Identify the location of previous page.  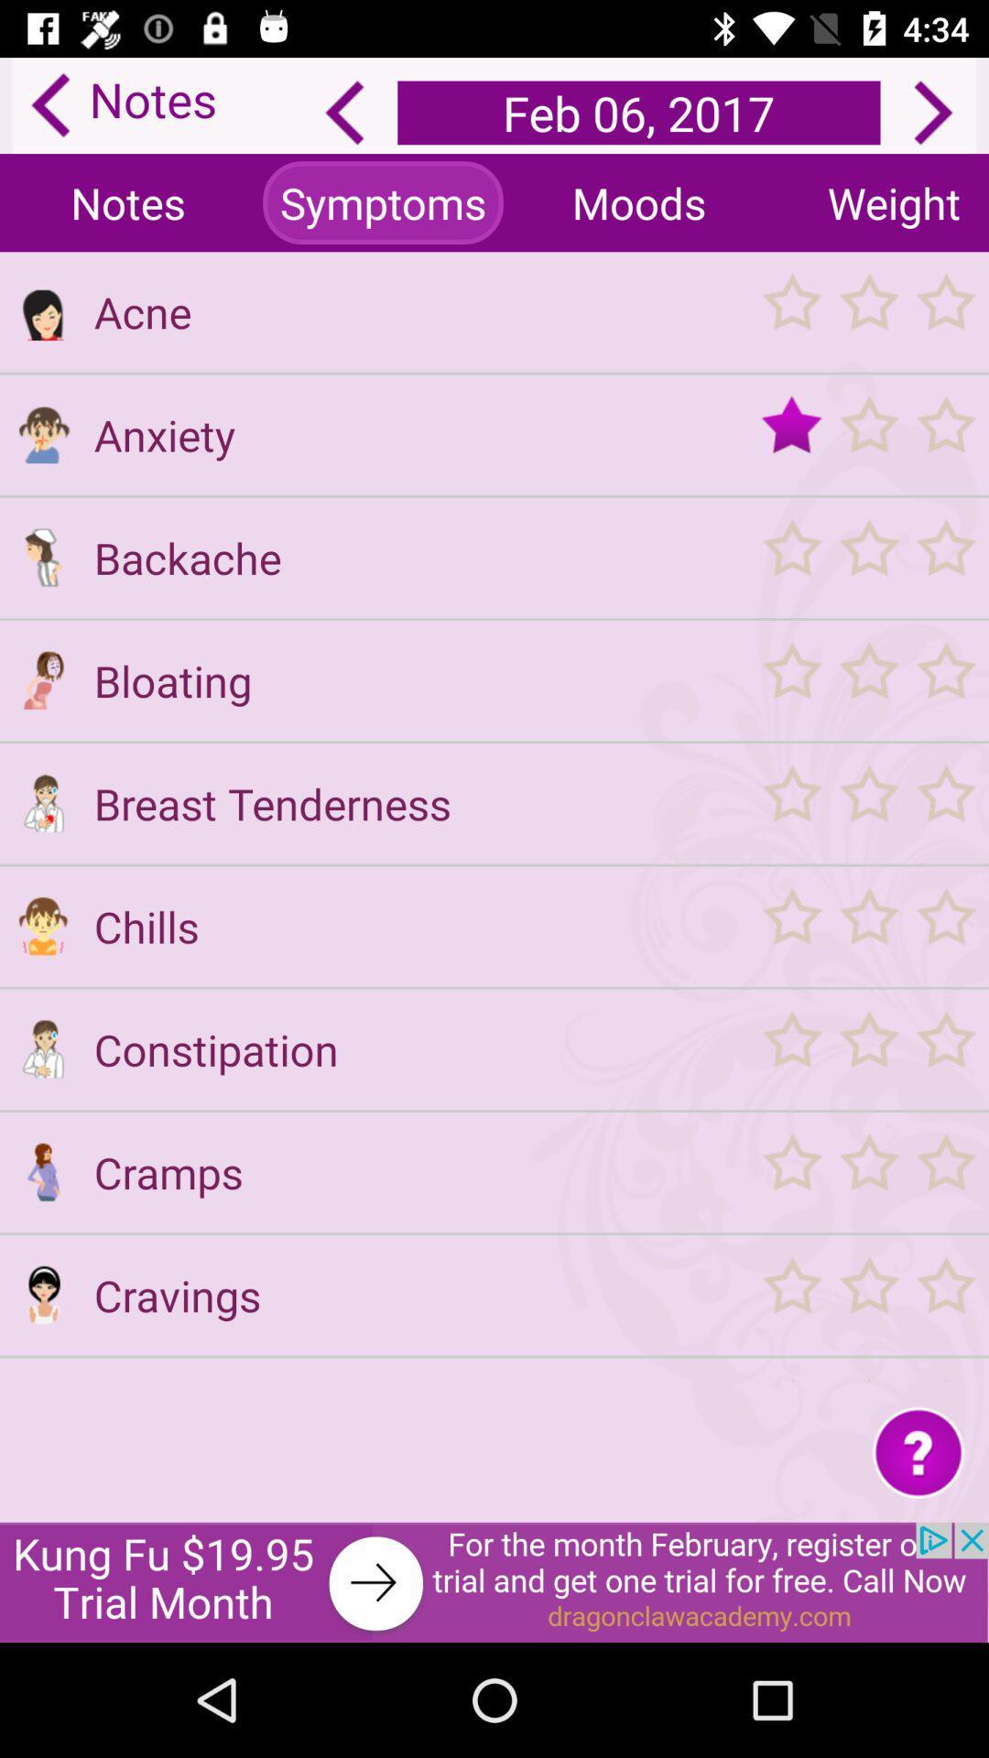
(344, 112).